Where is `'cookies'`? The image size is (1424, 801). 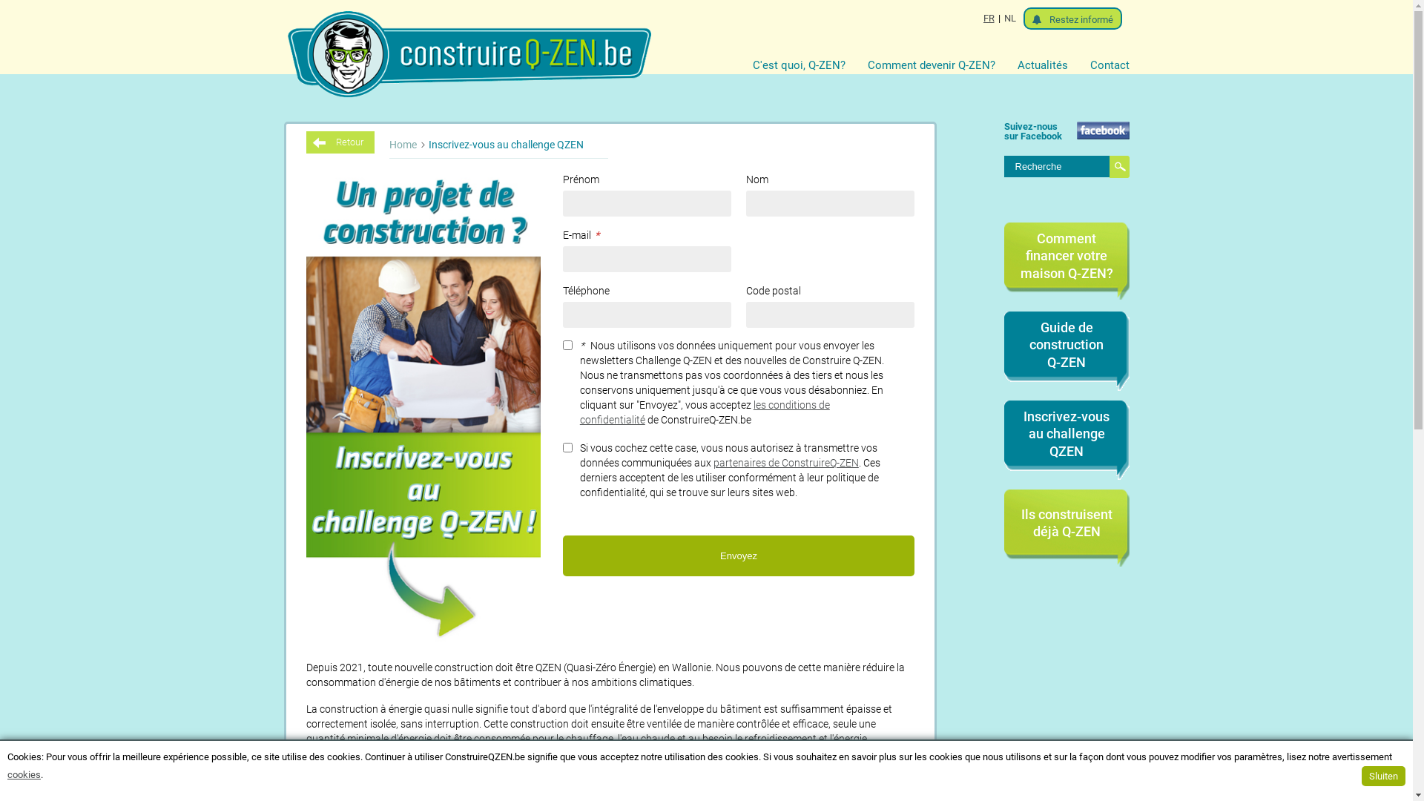 'cookies' is located at coordinates (24, 774).